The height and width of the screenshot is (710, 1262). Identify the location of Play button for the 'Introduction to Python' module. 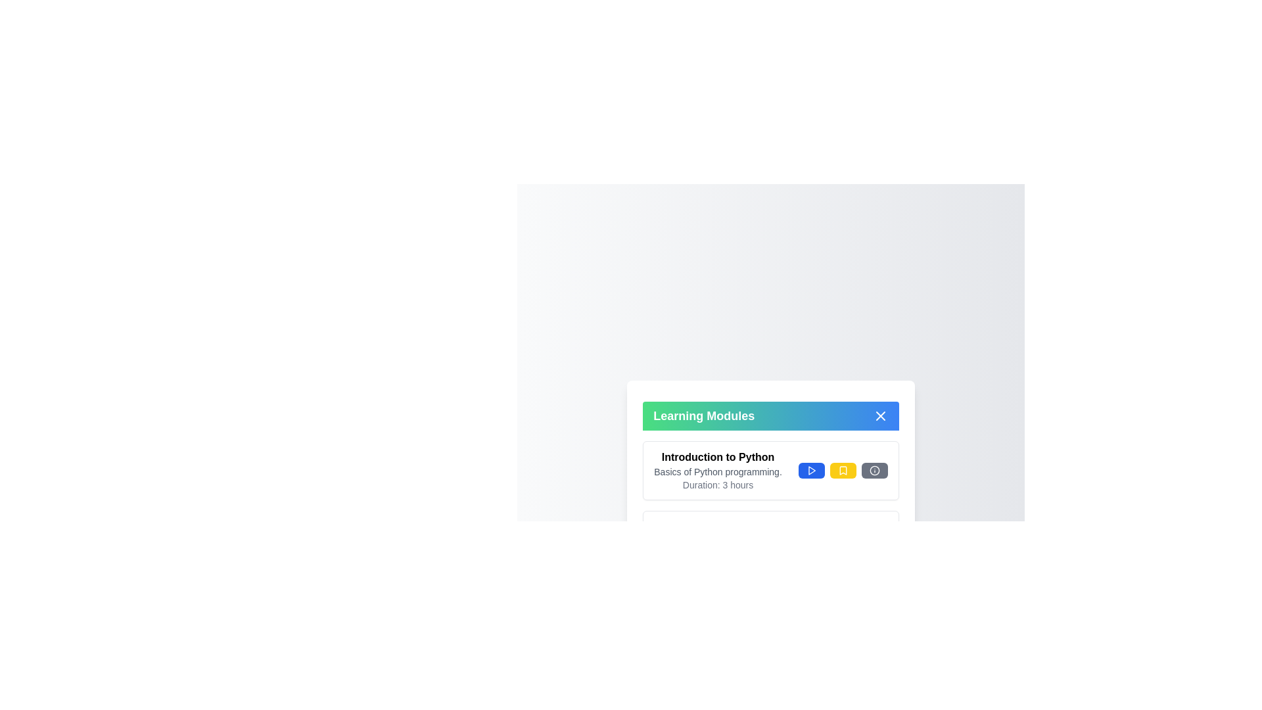
(810, 470).